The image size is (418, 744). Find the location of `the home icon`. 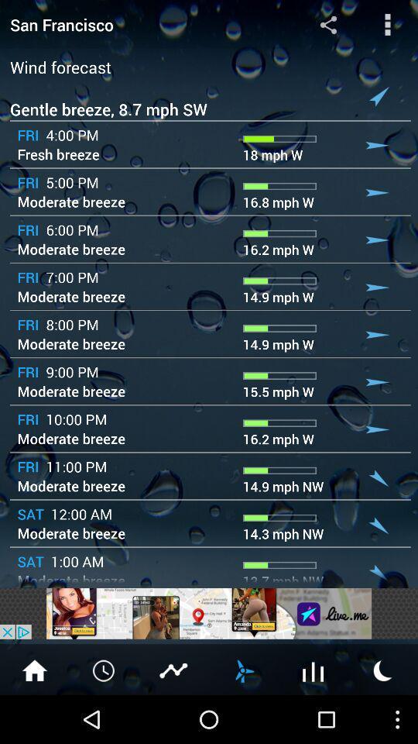

the home icon is located at coordinates (34, 717).